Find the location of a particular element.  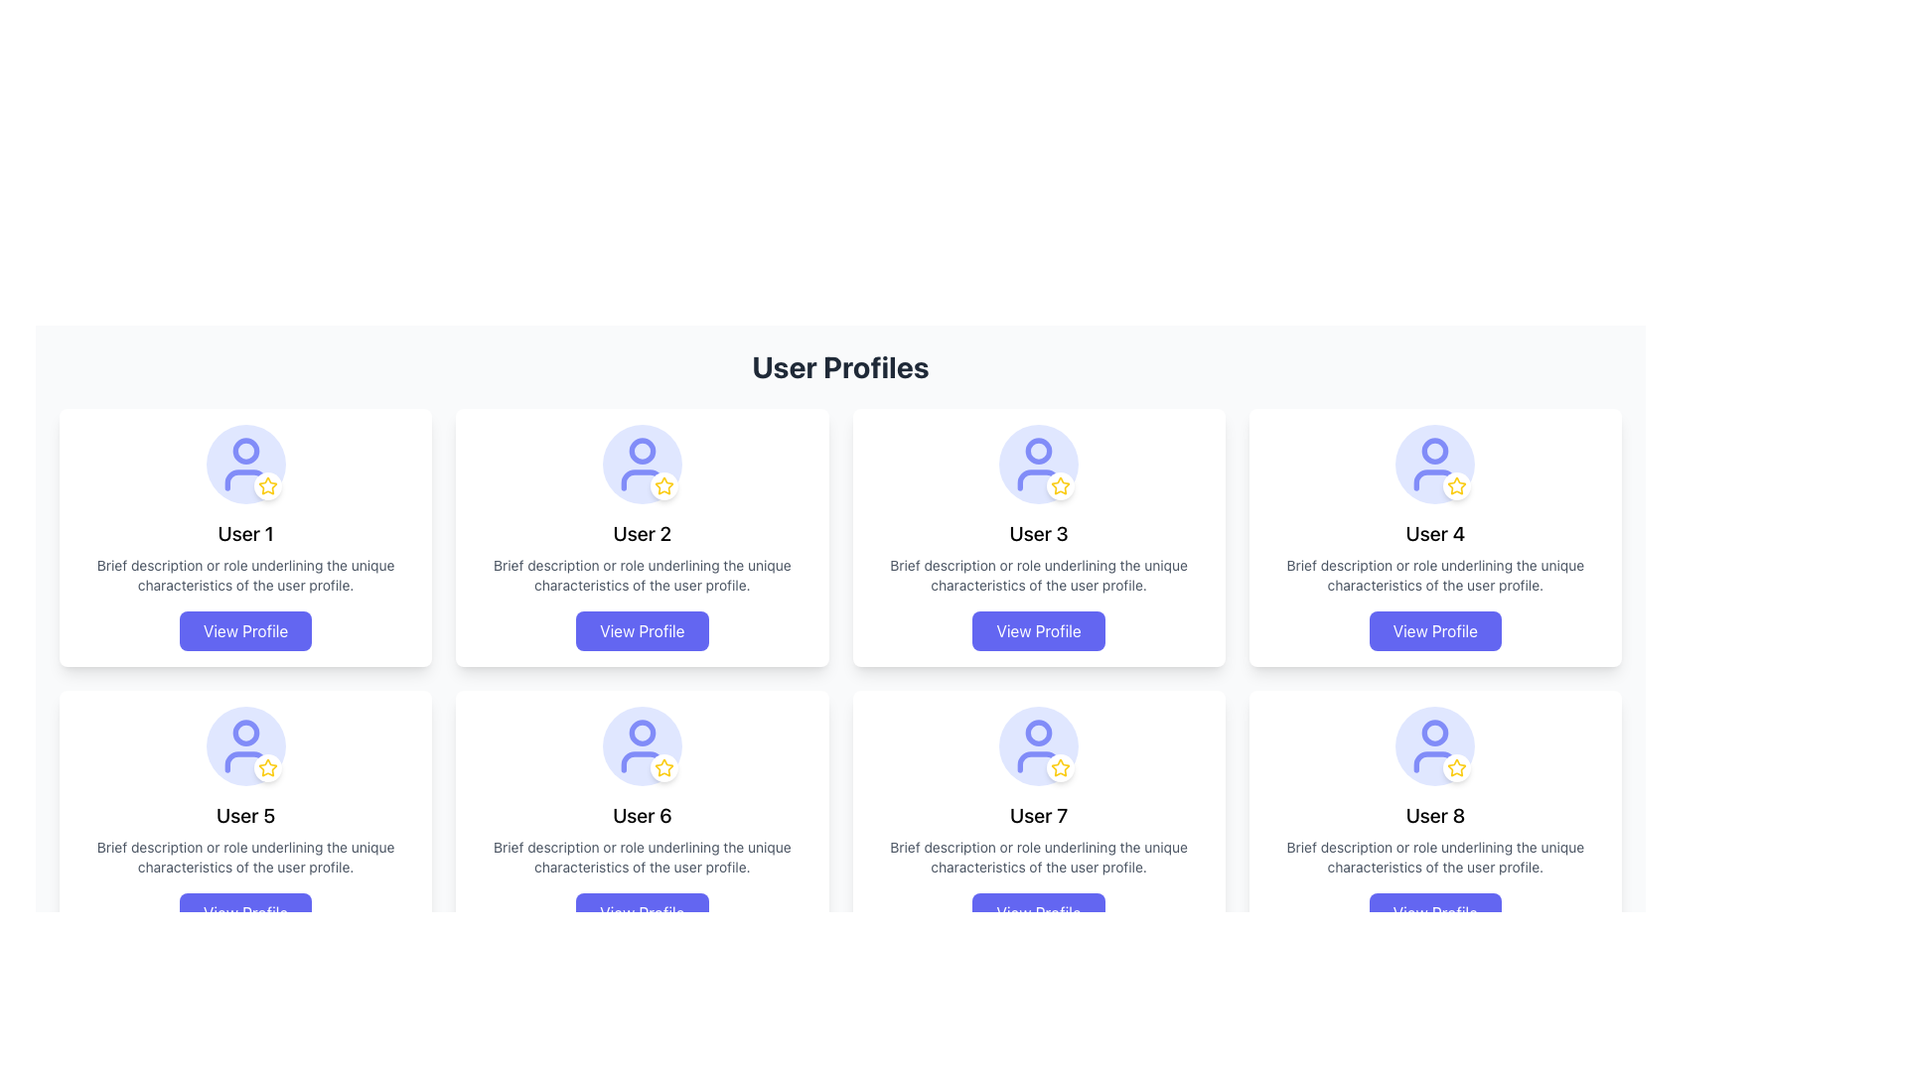

the decorative star icon indicating user 5's special status, located at the bottom-right corner of the user's avatar is located at coordinates (266, 767).